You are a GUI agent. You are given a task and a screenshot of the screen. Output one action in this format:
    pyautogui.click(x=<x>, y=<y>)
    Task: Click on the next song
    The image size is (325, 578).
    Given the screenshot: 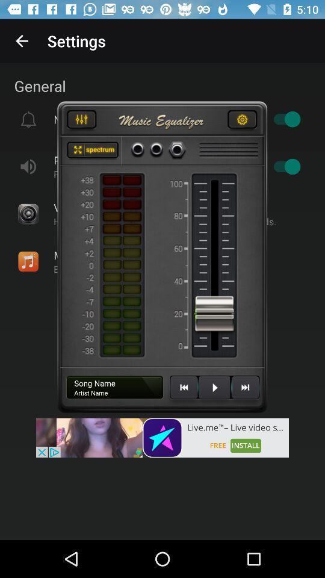 What is the action you would take?
    pyautogui.click(x=244, y=391)
    